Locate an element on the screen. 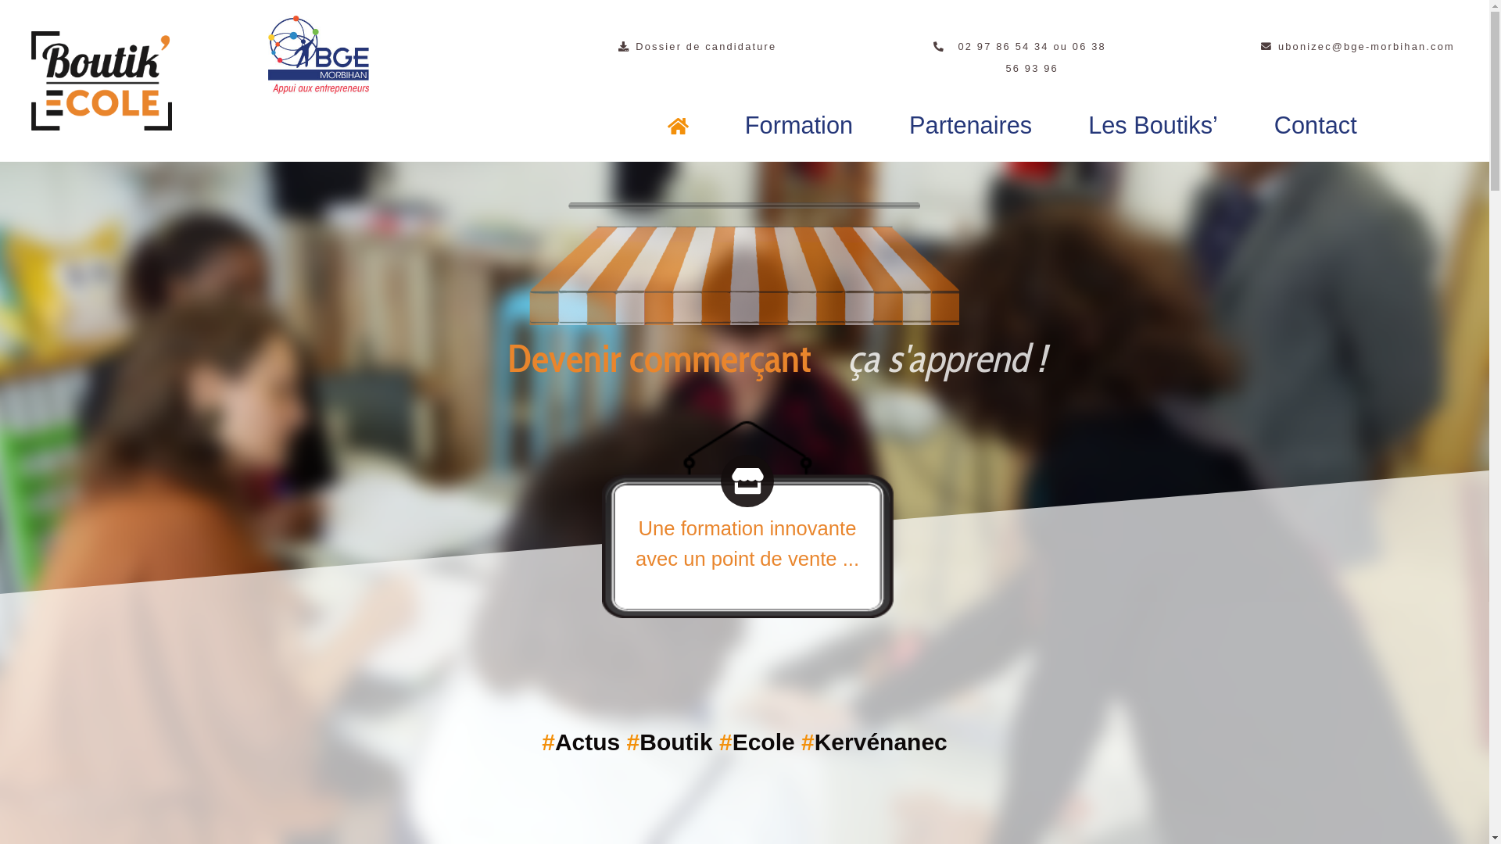  '02 97 86 54 34 ou 06 38 56 93 96' is located at coordinates (1023, 56).